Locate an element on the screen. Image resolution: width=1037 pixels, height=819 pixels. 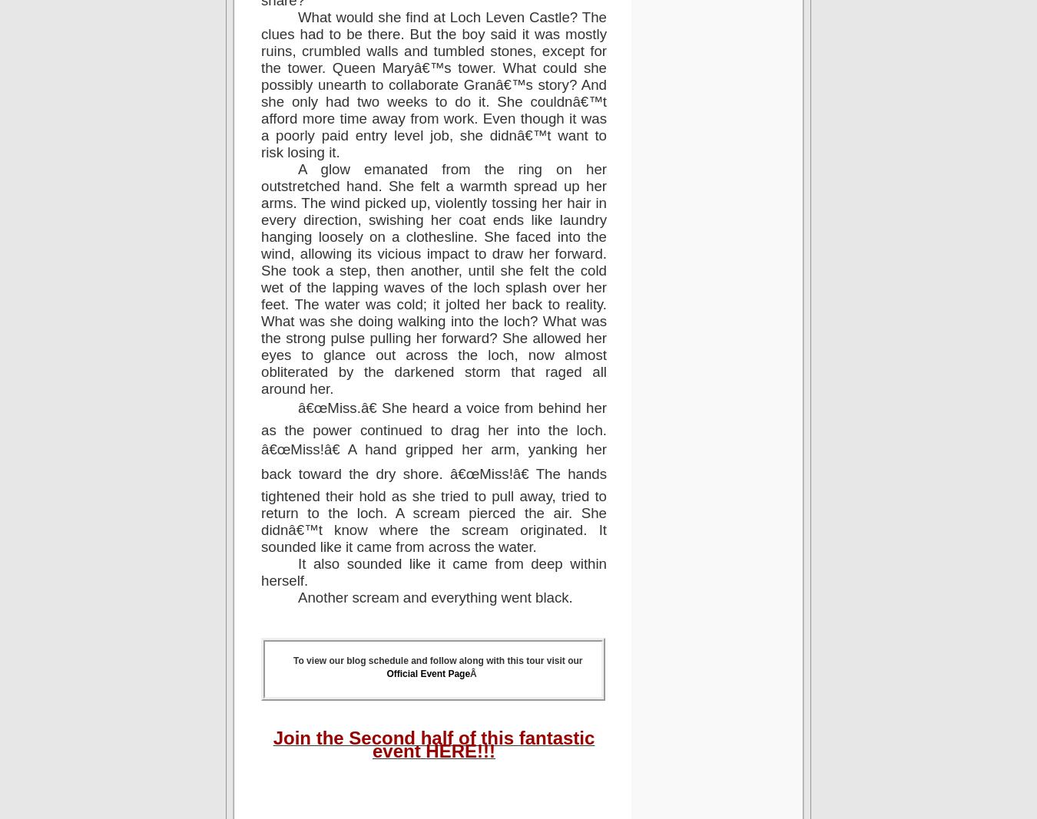
'It also sounded like it came from deep within herself.' is located at coordinates (433, 571).